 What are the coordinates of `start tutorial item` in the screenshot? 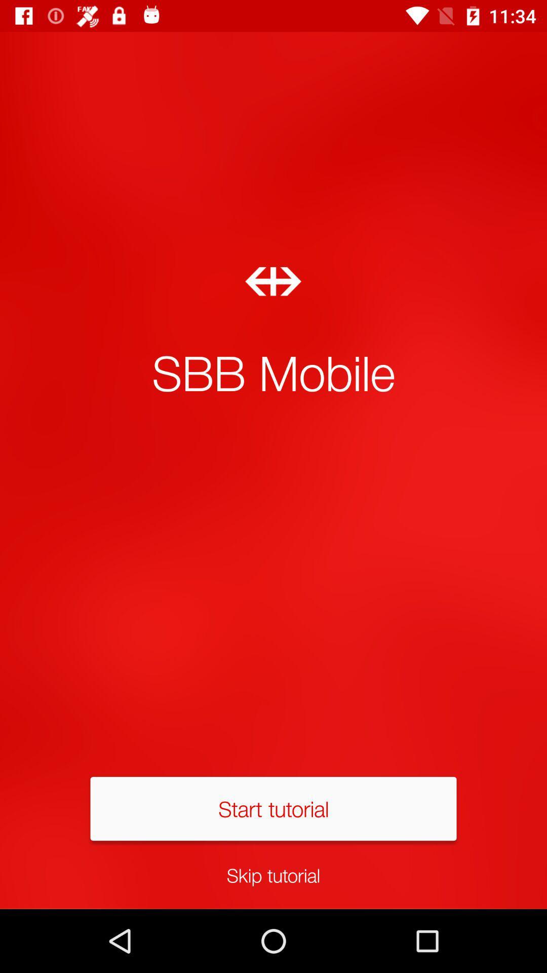 It's located at (273, 808).